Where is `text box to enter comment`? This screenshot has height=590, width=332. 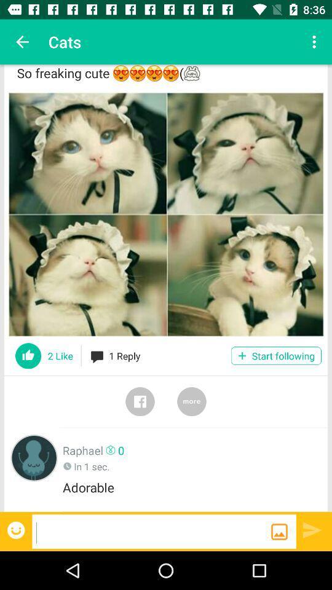
text box to enter comment is located at coordinates (151, 530).